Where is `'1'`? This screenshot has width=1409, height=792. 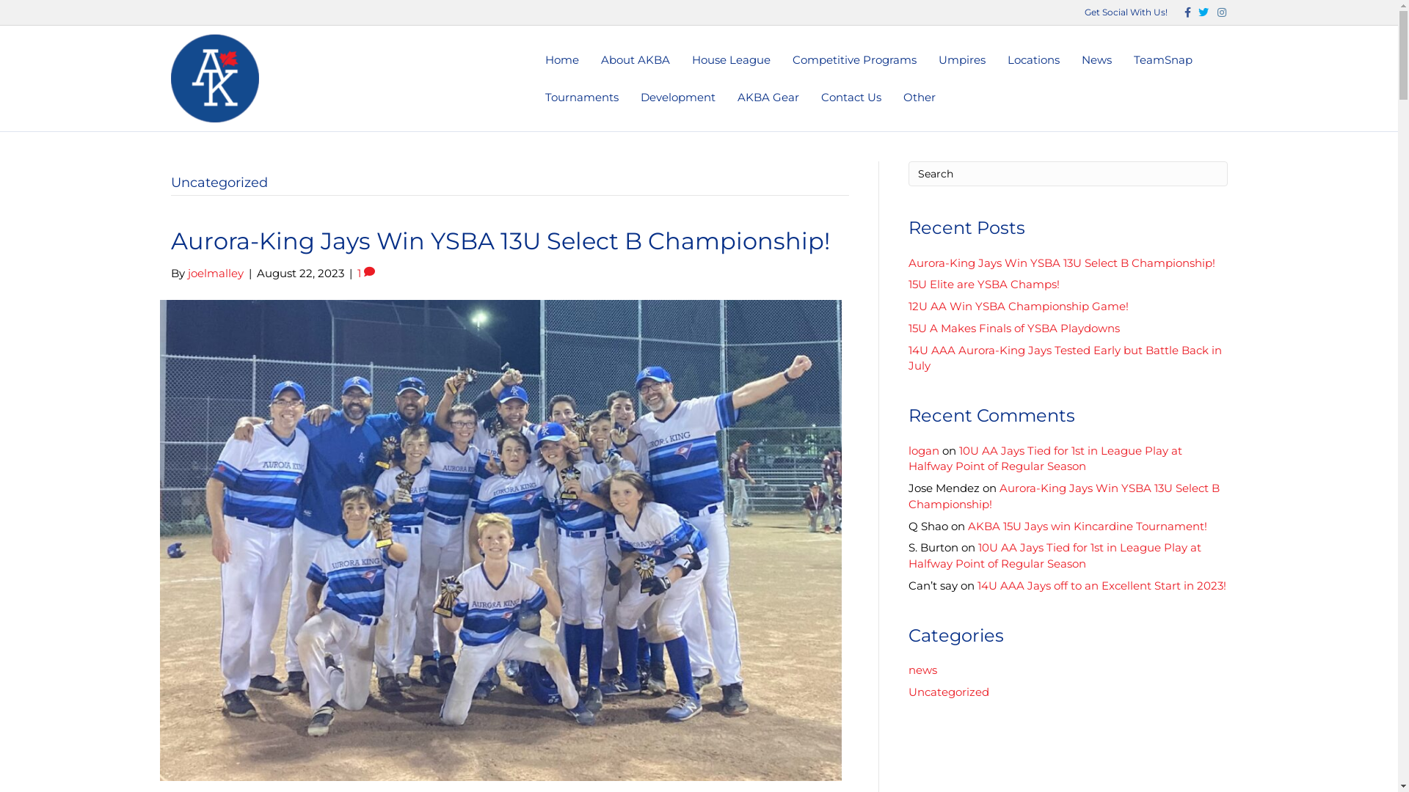 '1' is located at coordinates (365, 273).